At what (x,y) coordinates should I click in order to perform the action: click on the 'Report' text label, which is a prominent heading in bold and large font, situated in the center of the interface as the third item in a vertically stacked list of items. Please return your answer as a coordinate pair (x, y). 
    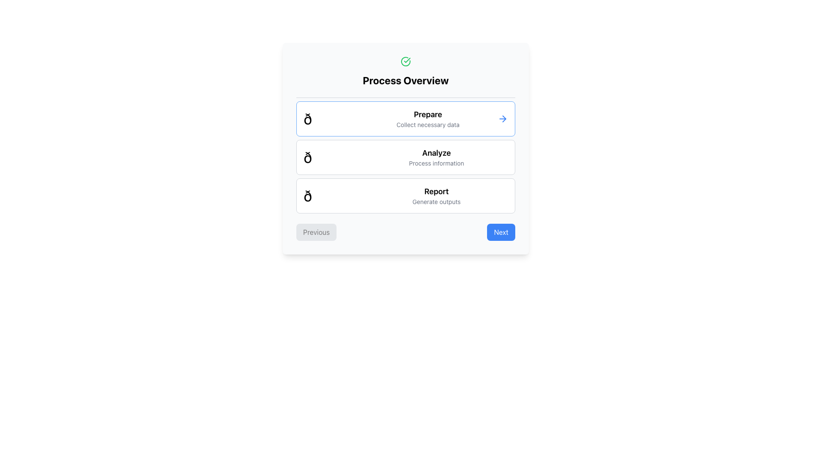
    Looking at the image, I should click on (436, 191).